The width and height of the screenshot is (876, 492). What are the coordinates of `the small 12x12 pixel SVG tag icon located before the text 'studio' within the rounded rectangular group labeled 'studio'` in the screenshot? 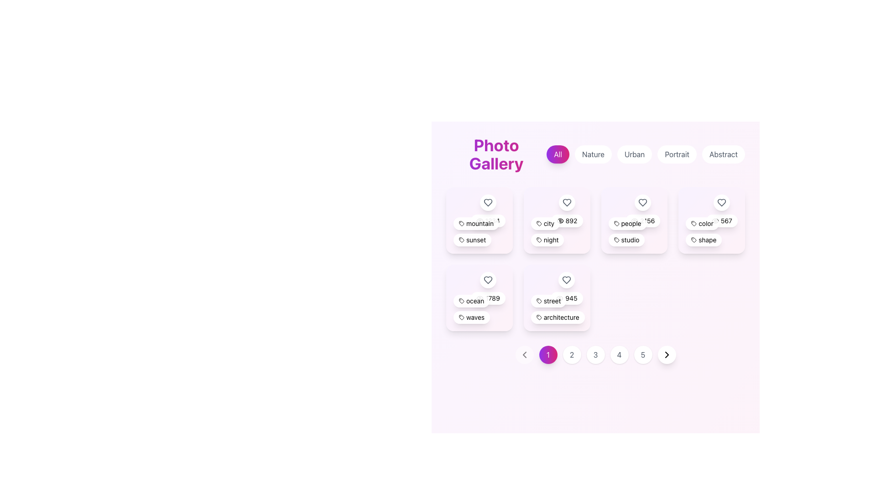 It's located at (616, 239).